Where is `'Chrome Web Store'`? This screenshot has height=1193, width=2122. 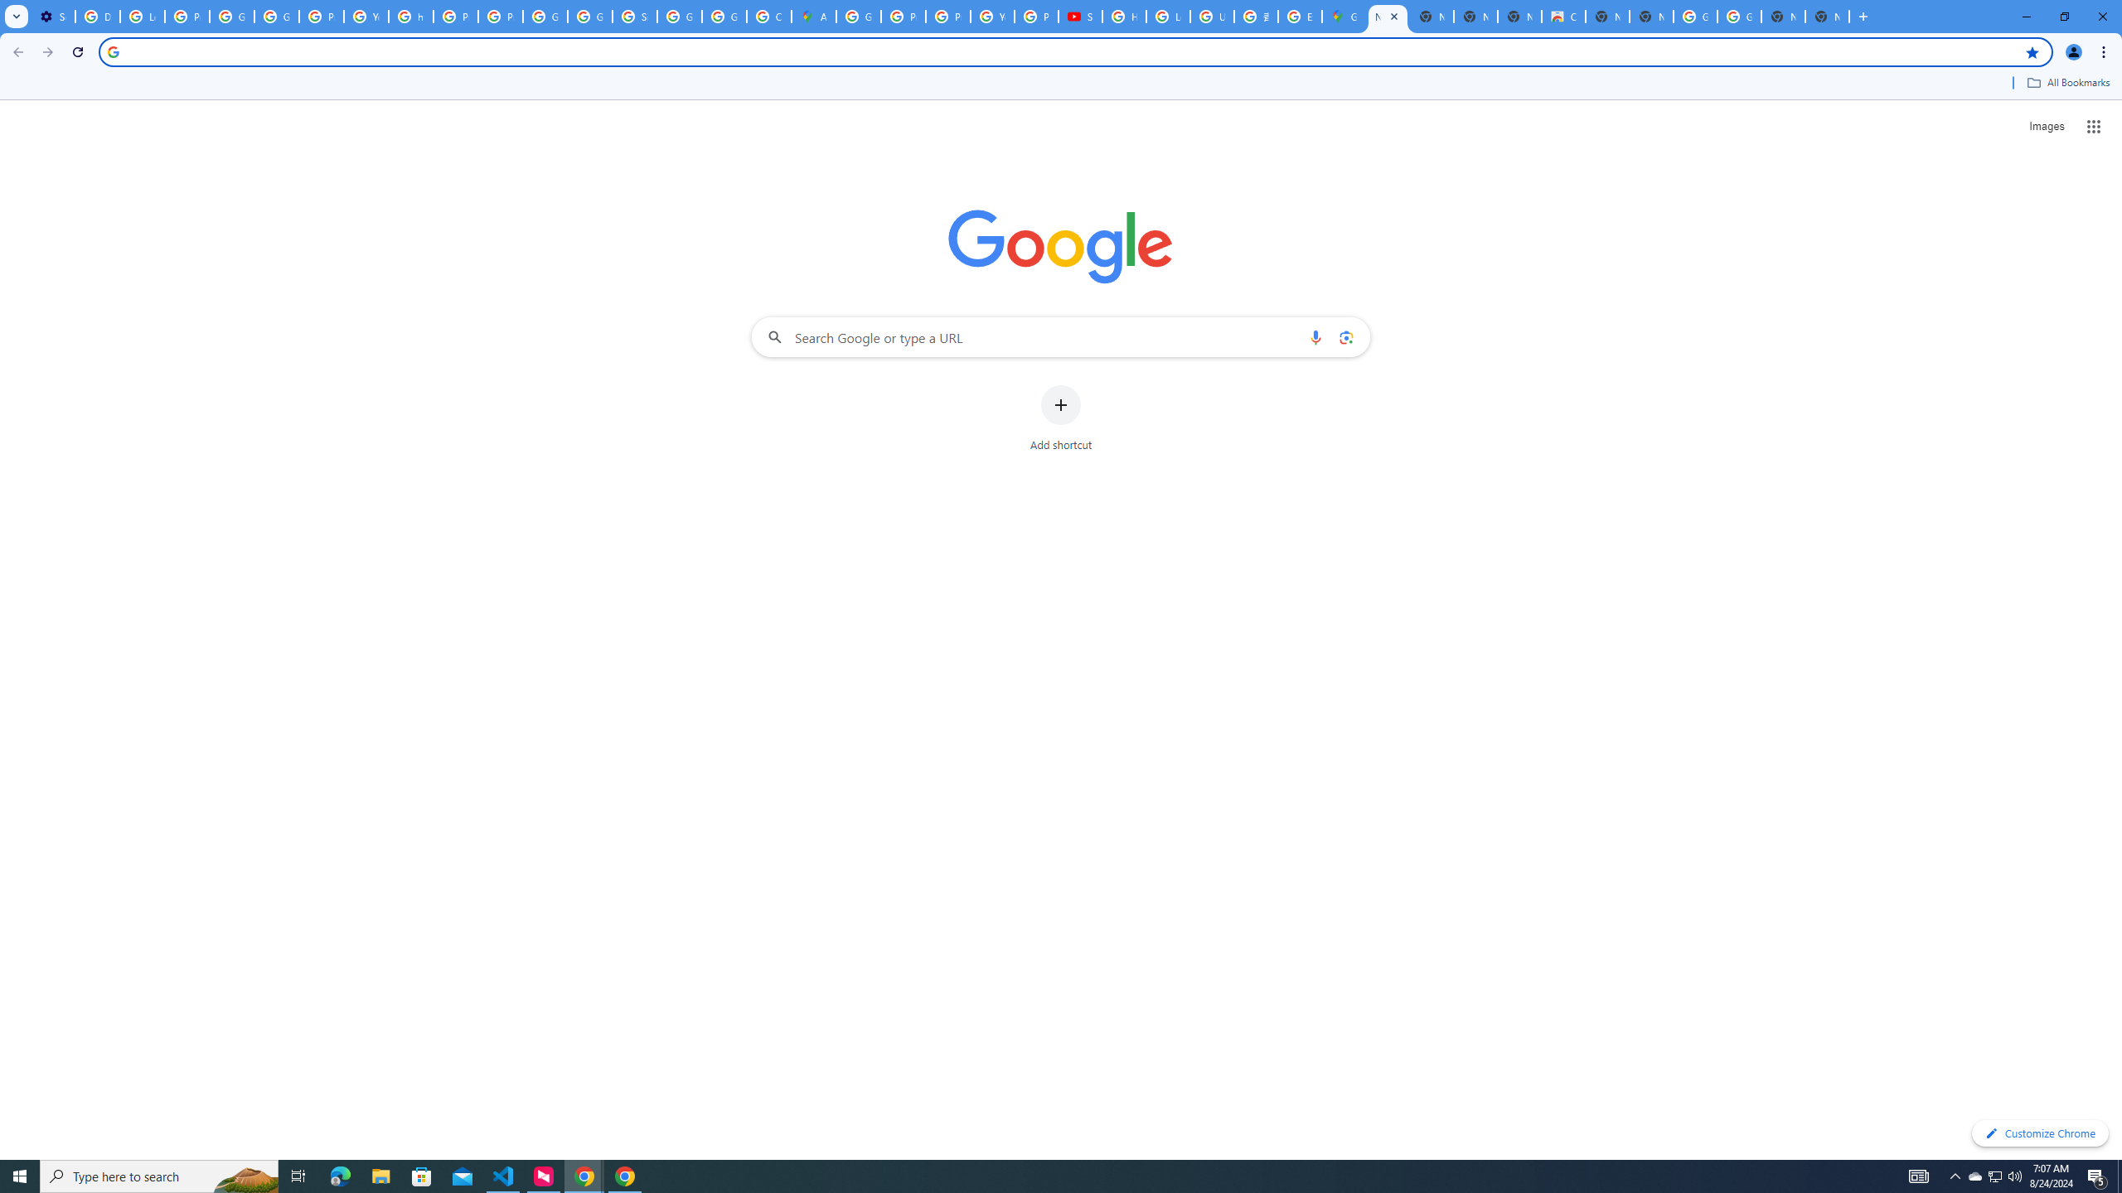
'Chrome Web Store' is located at coordinates (1563, 16).